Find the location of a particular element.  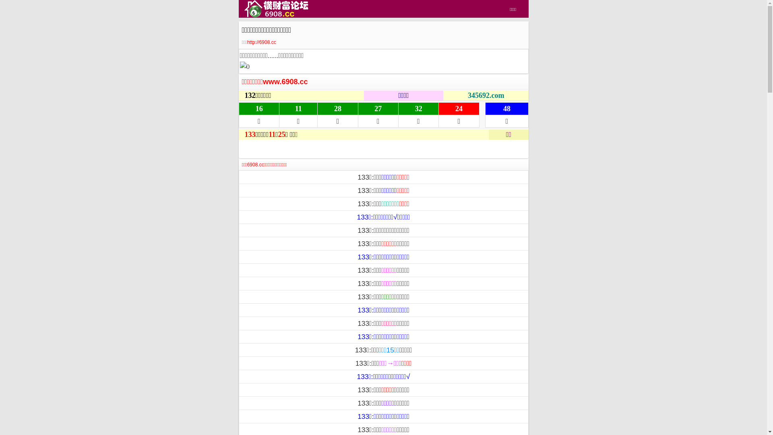

'0' is located at coordinates (244, 66).